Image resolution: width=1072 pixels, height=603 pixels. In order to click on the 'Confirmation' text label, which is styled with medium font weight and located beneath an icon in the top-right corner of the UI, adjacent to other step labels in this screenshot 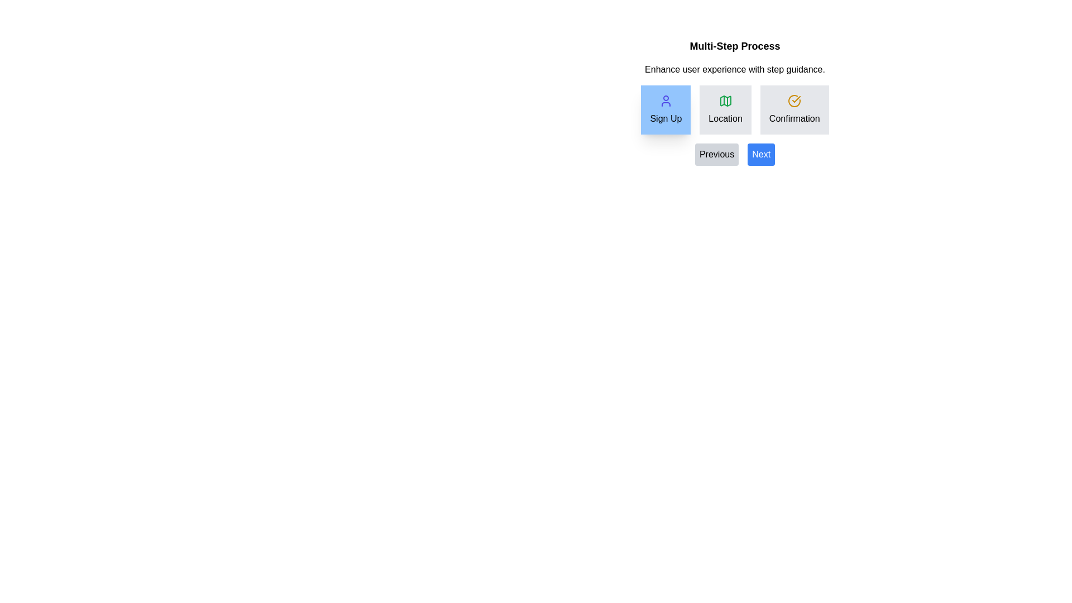, I will do `click(794, 118)`.